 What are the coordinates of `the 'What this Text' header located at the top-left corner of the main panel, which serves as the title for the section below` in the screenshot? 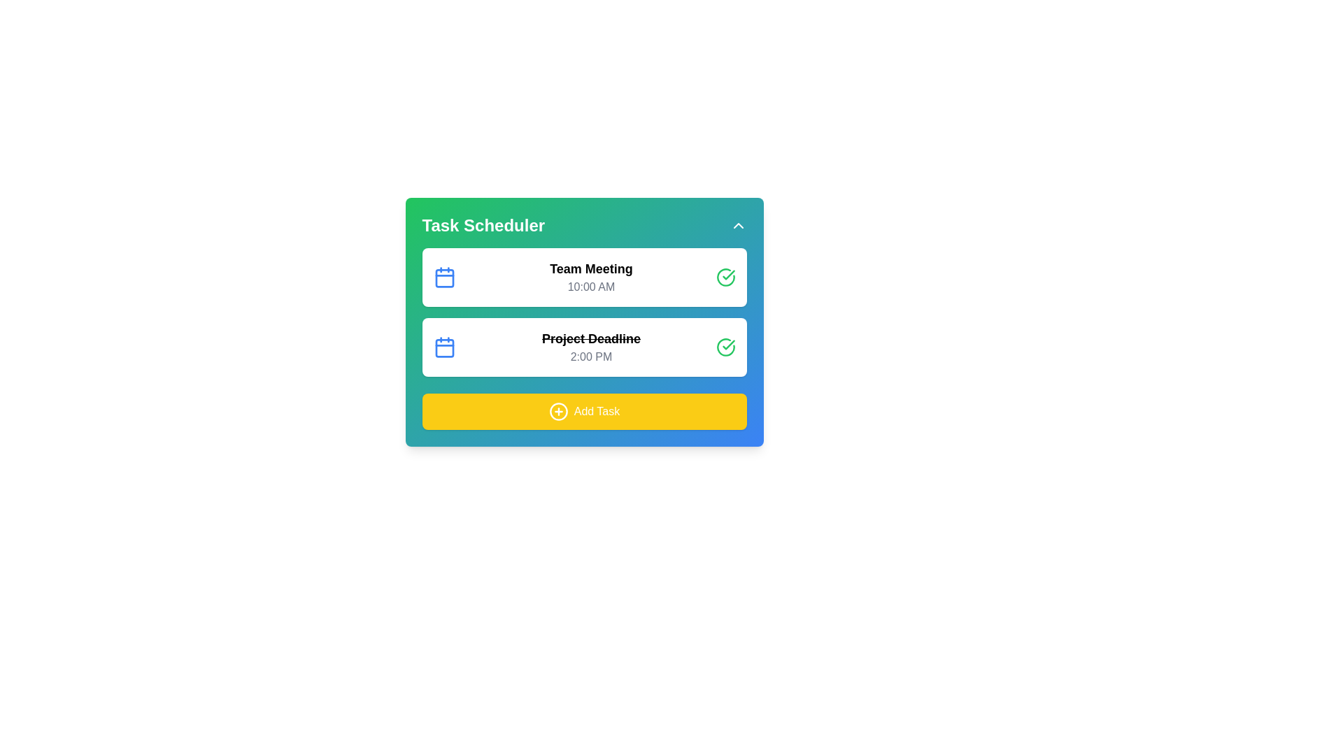 It's located at (483, 225).